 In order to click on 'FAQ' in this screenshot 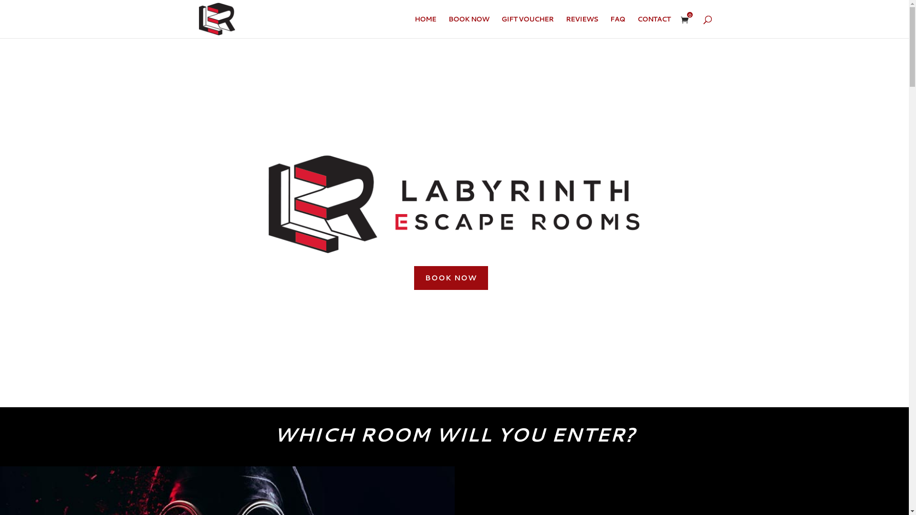, I will do `click(617, 26)`.